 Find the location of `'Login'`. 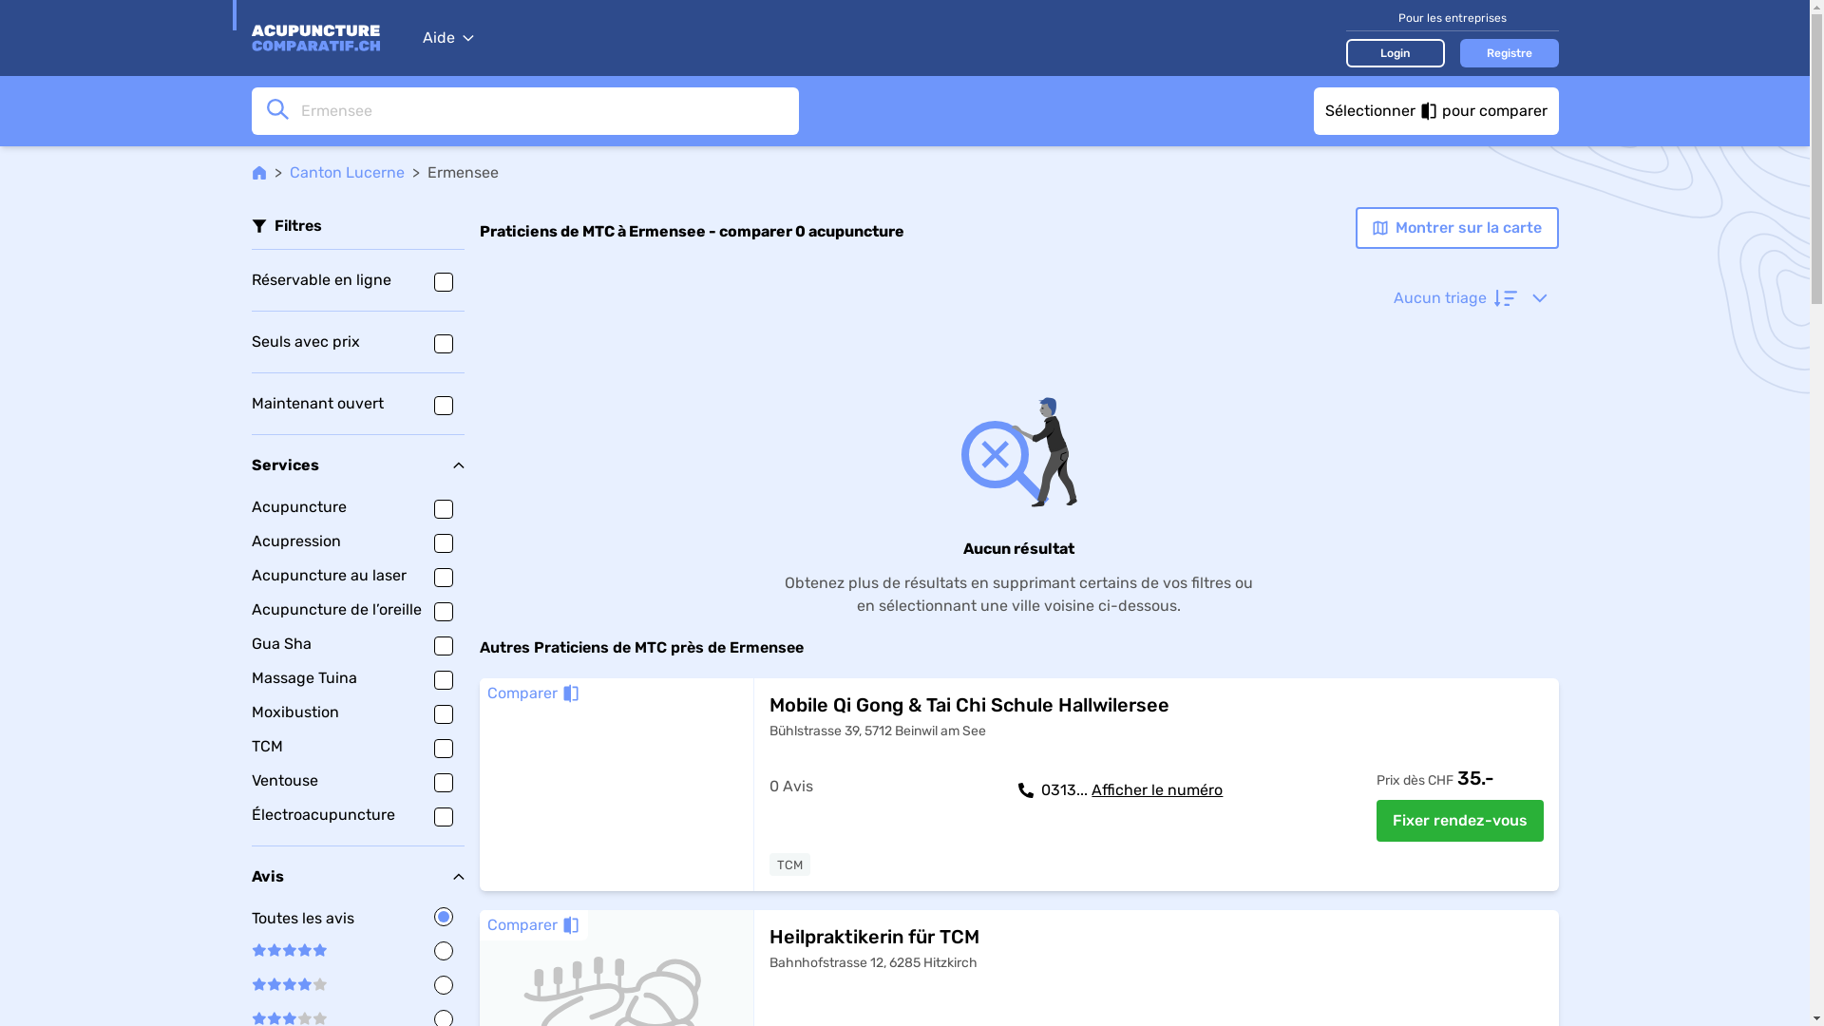

'Login' is located at coordinates (1395, 50).